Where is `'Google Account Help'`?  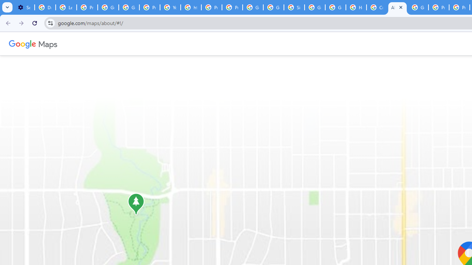 'Google Account Help' is located at coordinates (108, 7).